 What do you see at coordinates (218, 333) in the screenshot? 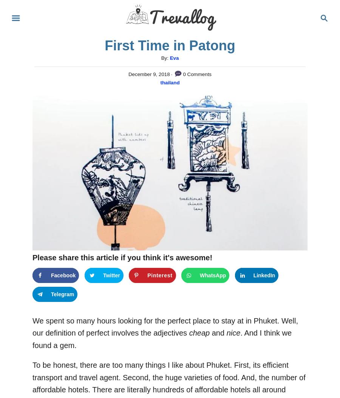
I see `'and'` at bounding box center [218, 333].